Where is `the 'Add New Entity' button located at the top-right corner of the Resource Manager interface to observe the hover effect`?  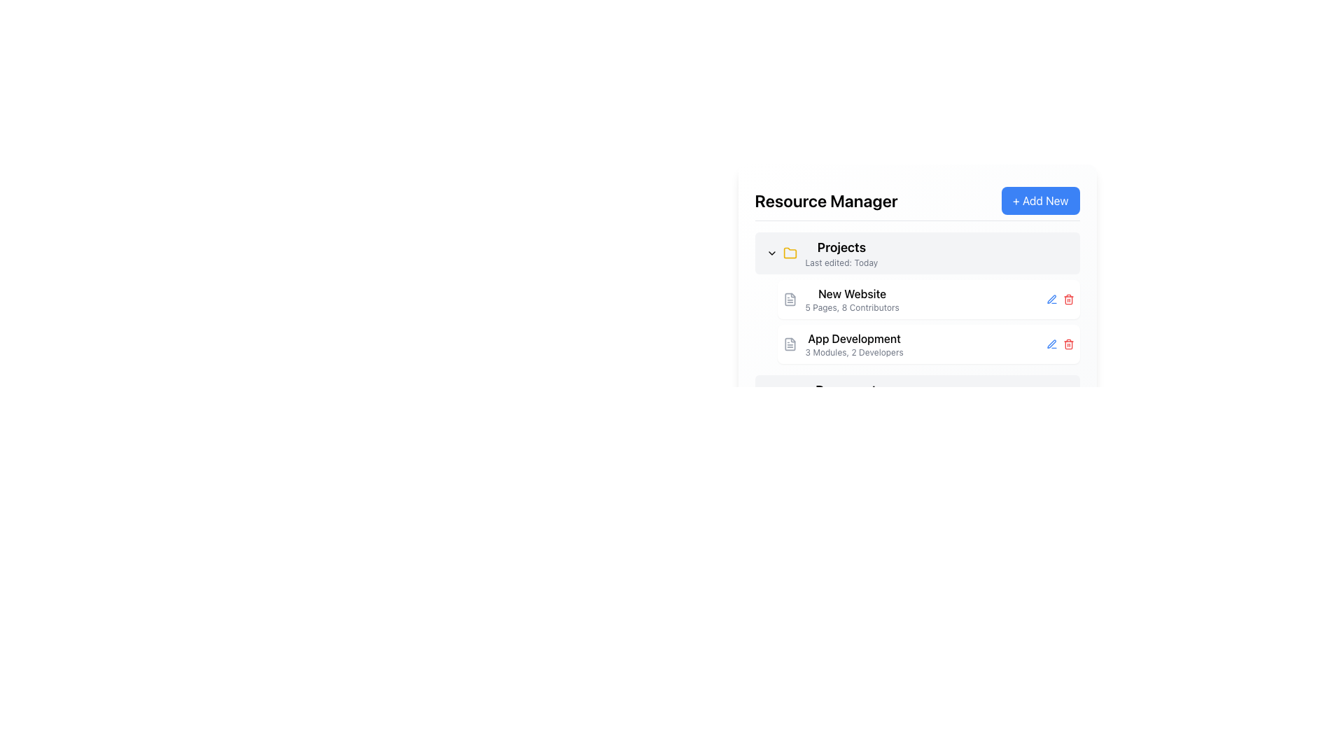
the 'Add New Entity' button located at the top-right corner of the Resource Manager interface to observe the hover effect is located at coordinates (1040, 200).